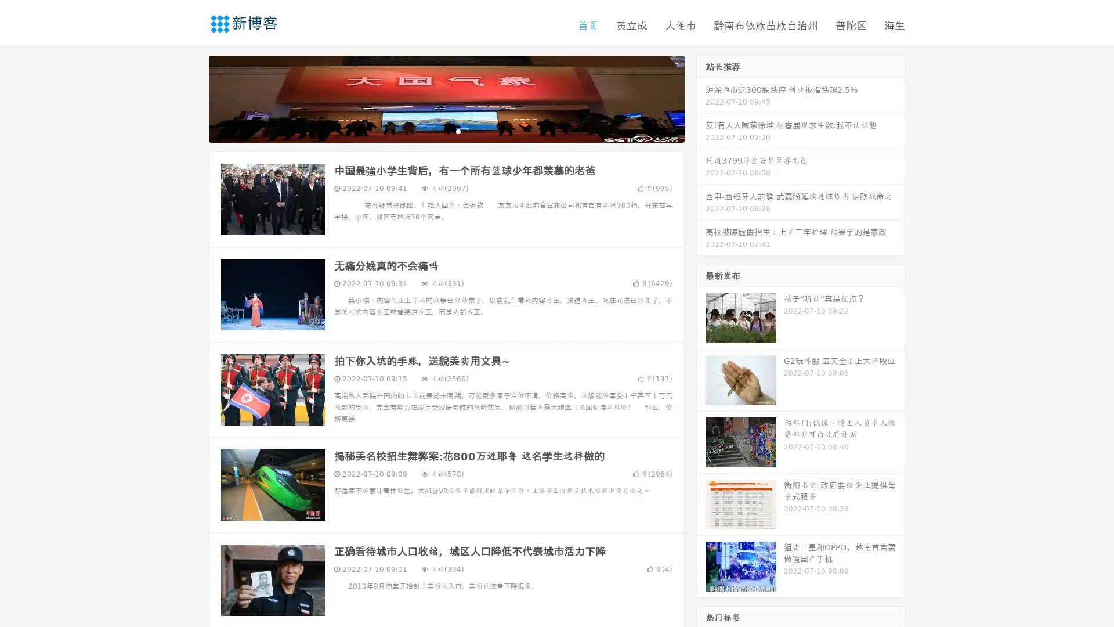  I want to click on Previous slide, so click(191, 98).